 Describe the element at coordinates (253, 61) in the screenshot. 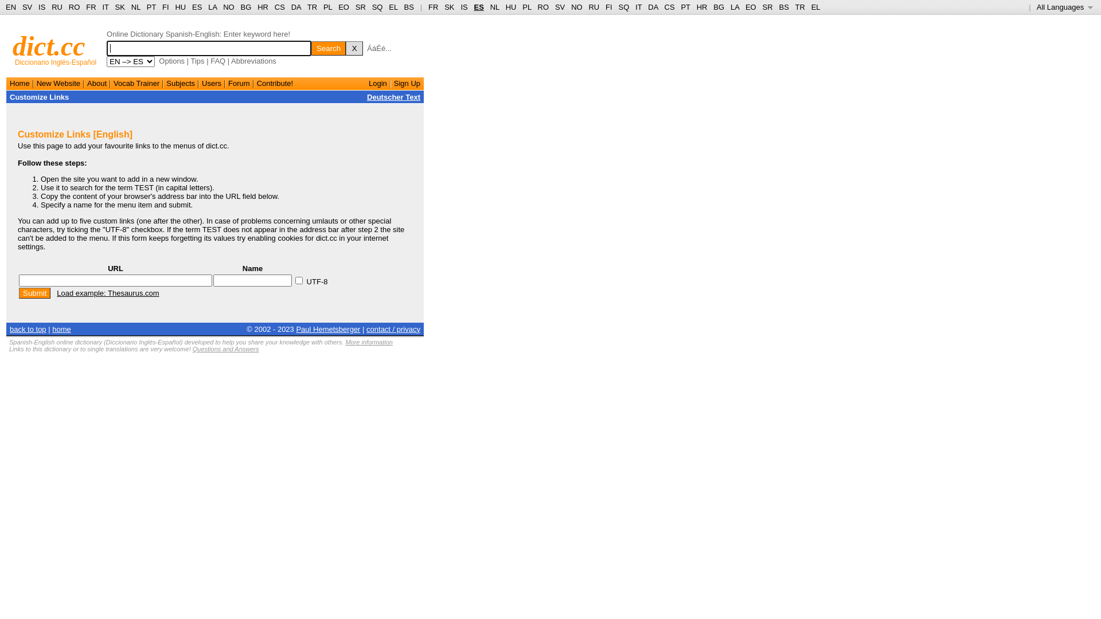

I see `'Abbreviations'` at that location.